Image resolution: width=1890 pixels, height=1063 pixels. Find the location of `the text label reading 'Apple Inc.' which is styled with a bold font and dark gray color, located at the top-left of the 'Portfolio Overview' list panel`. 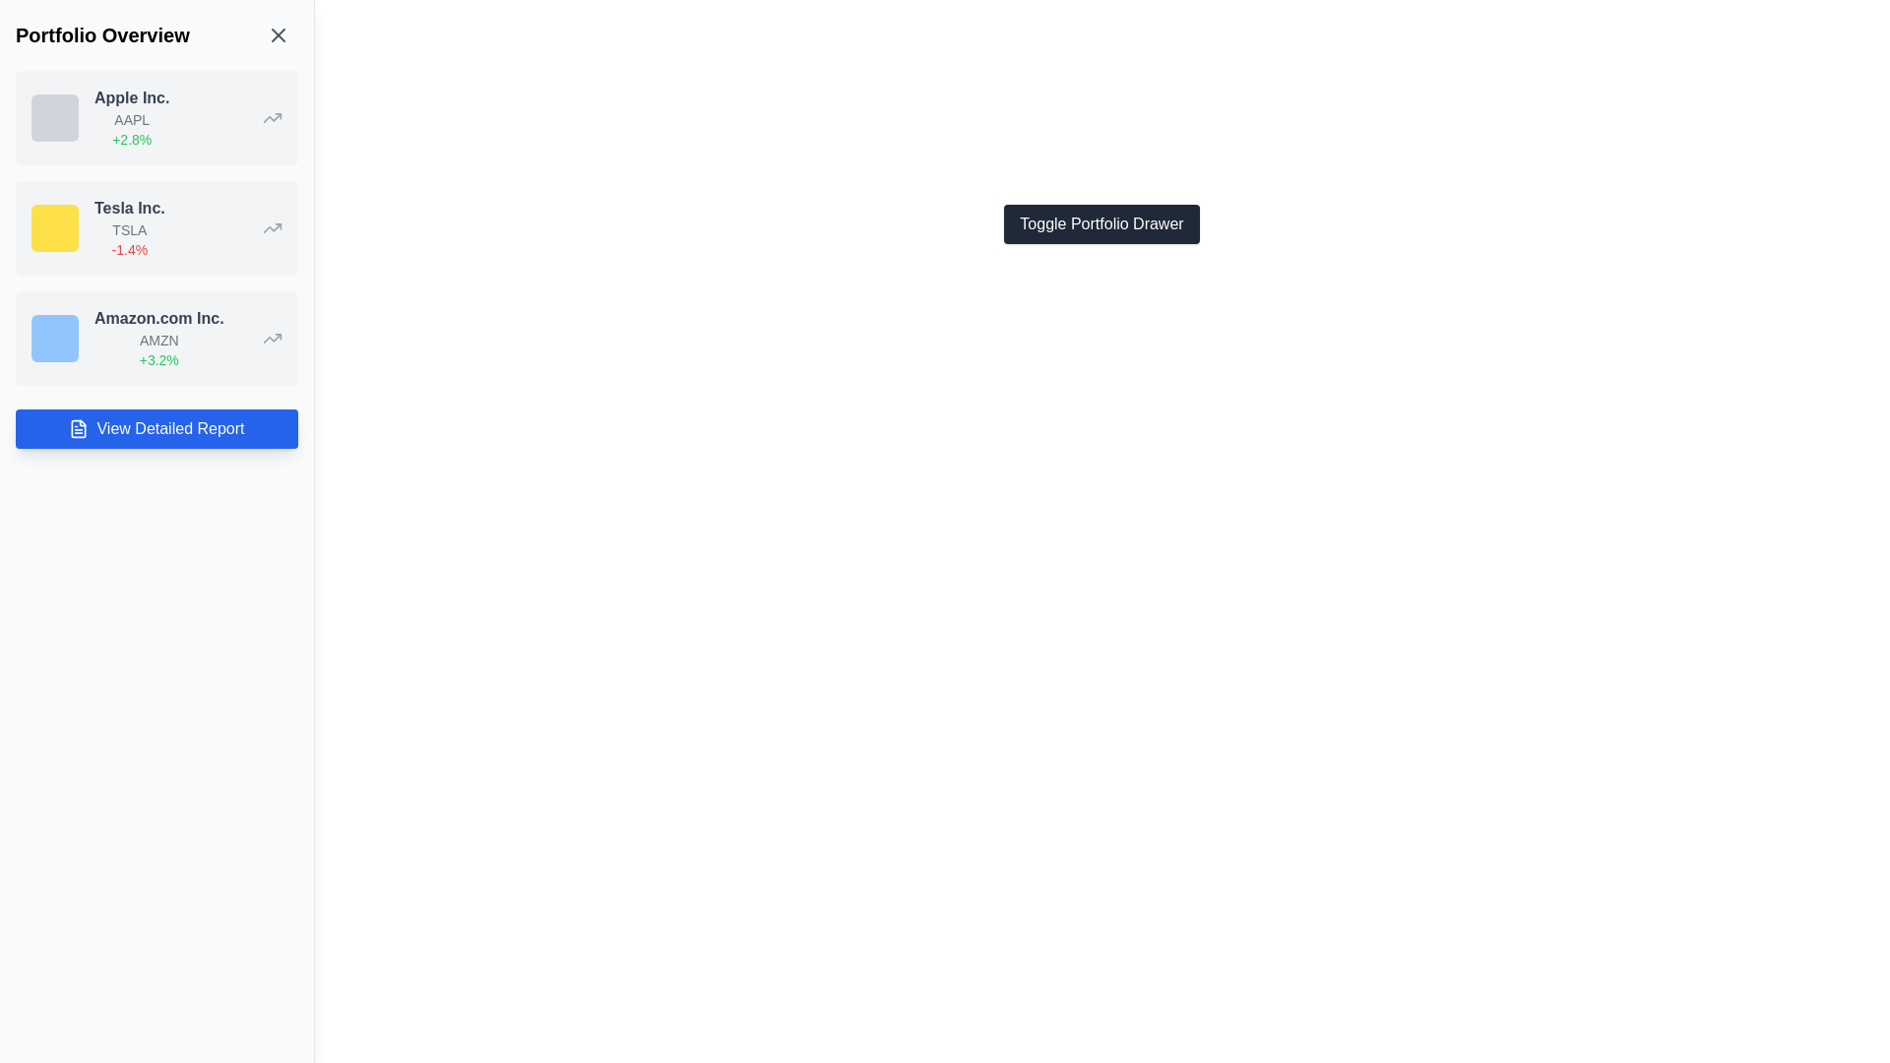

the text label reading 'Apple Inc.' which is styled with a bold font and dark gray color, located at the top-left of the 'Portfolio Overview' list panel is located at coordinates (131, 98).